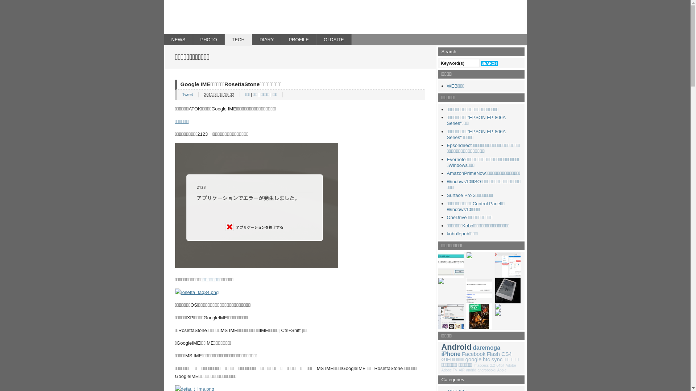 The image size is (696, 391). I want to click on 'AIR', so click(461, 370).